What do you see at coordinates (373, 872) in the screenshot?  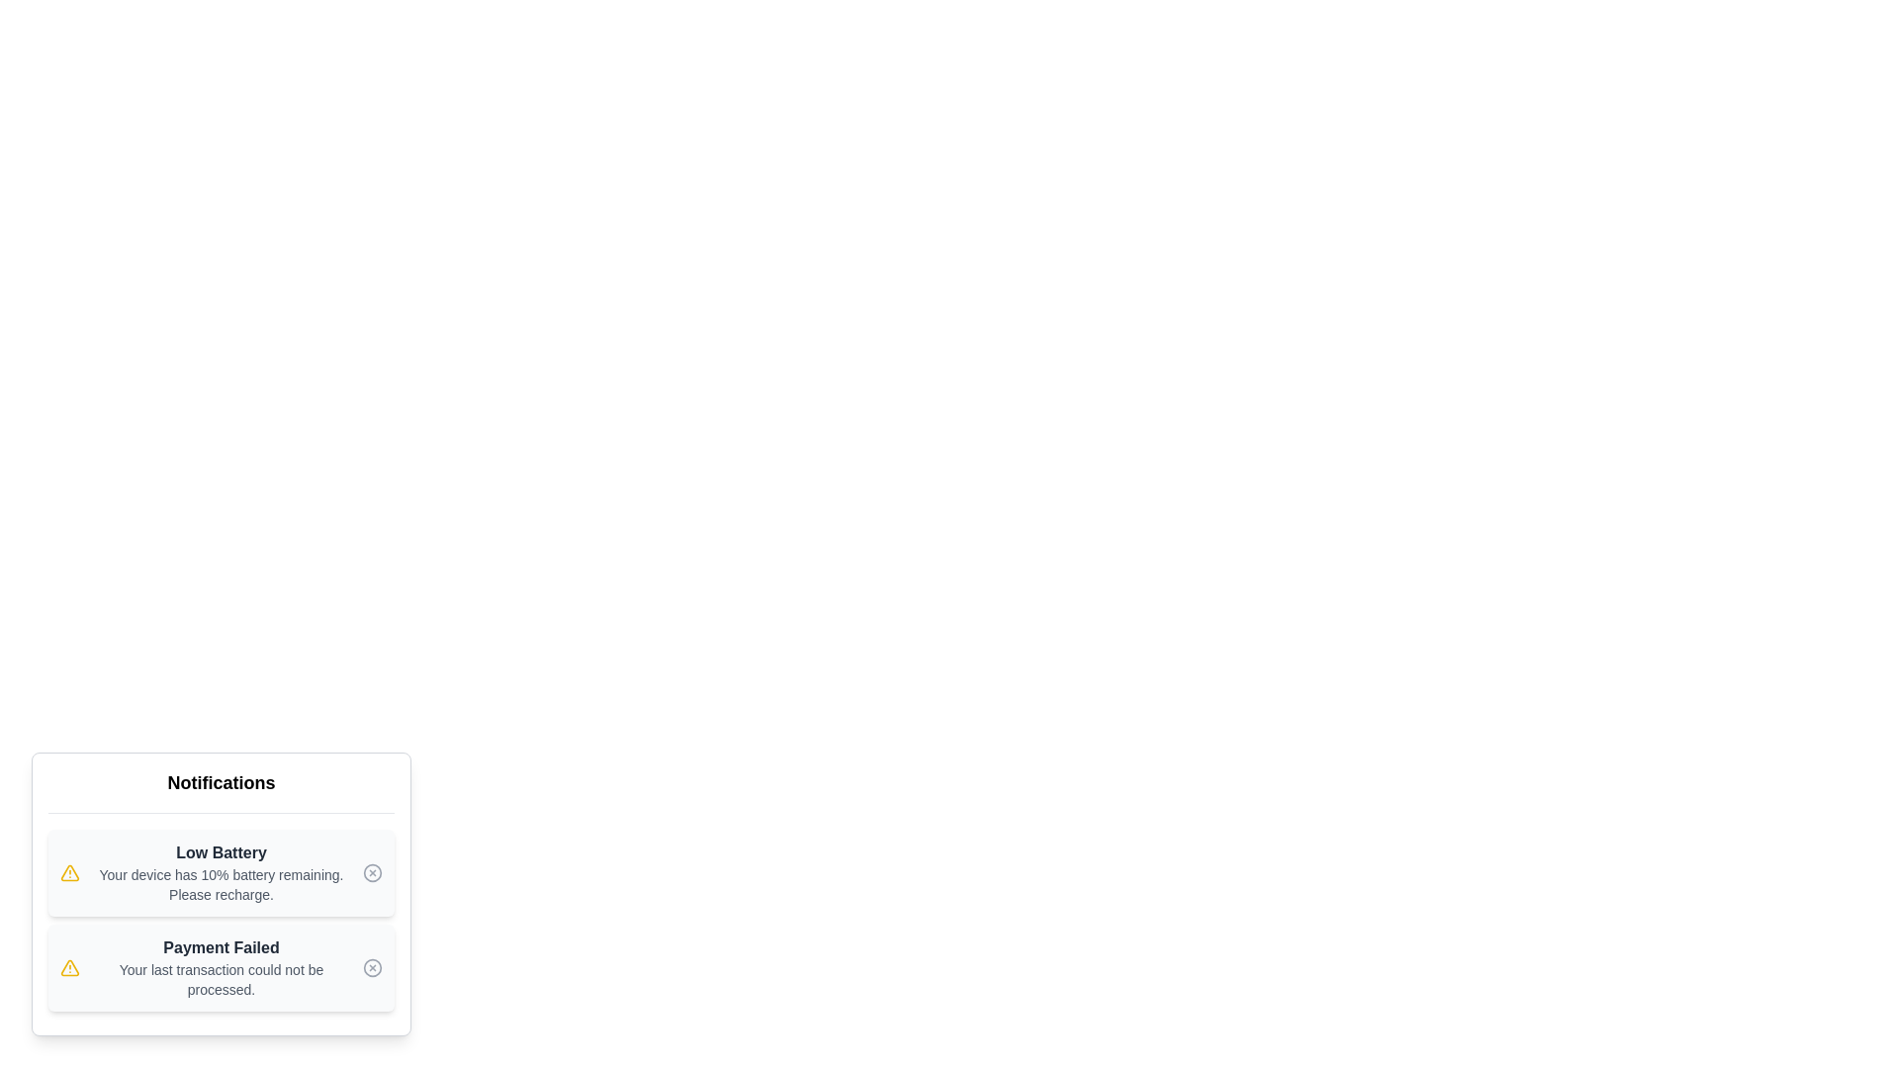 I see `the circular icon in the second notification box to the right of the accompanying text, which indicates a failure or error` at bounding box center [373, 872].